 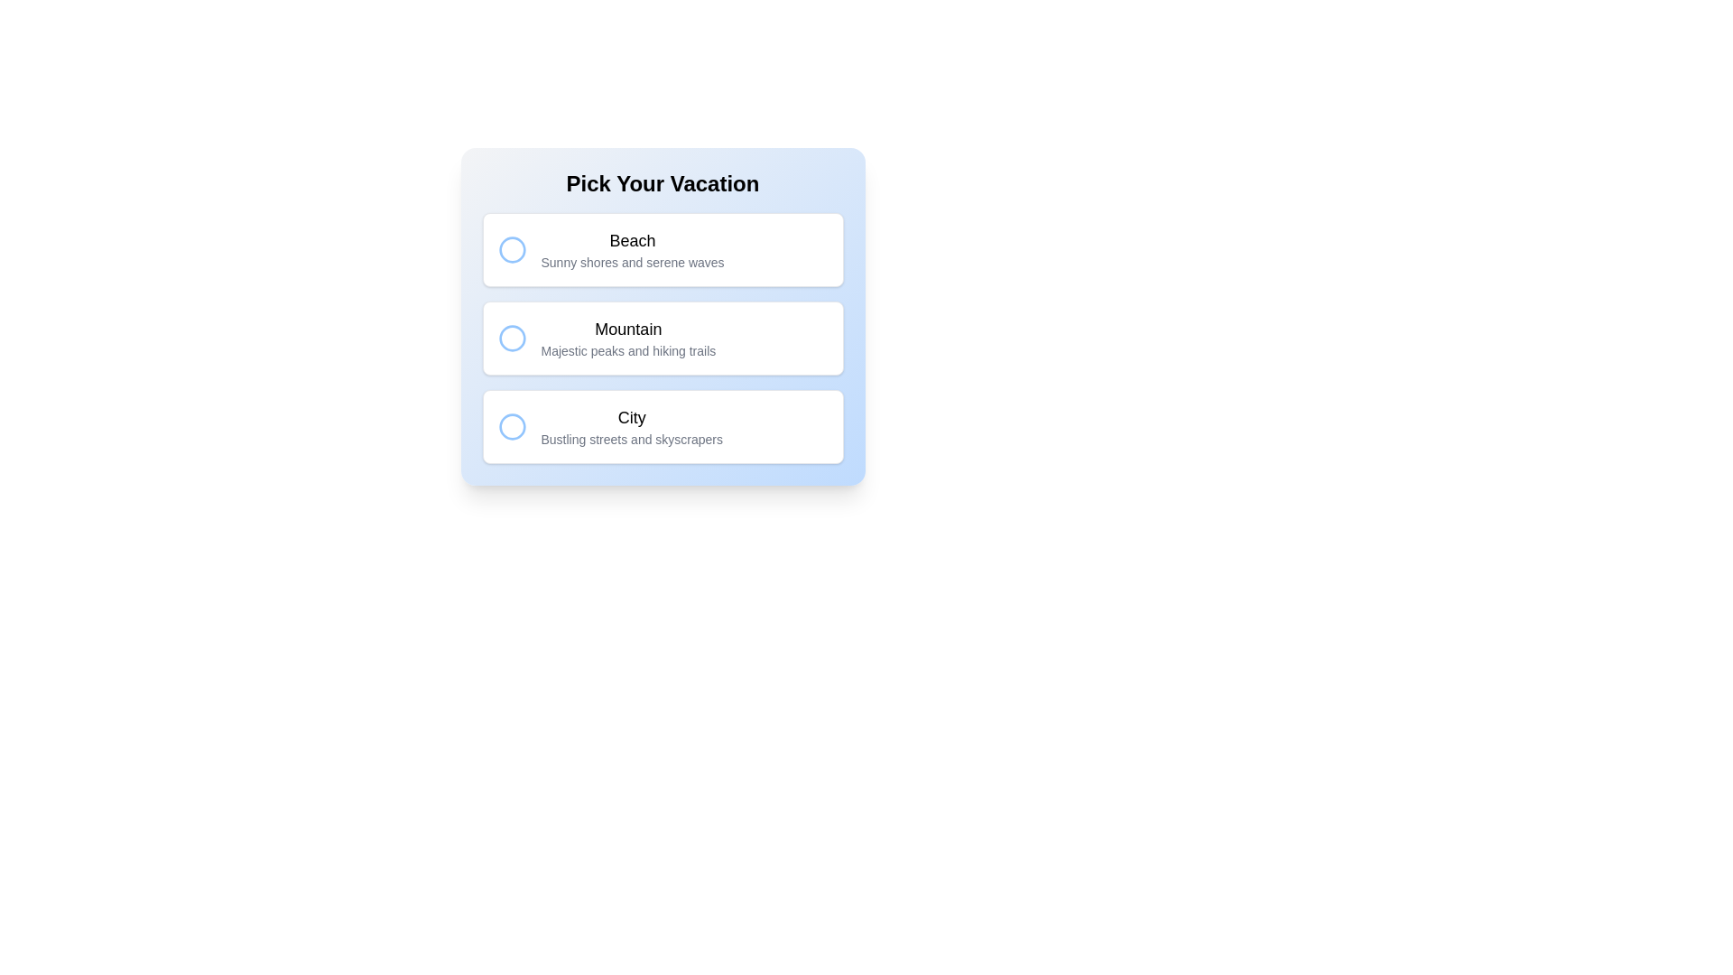 I want to click on descriptive text label providing additional information about the 'City' option, positioned below the 'City' label, so click(x=632, y=439).